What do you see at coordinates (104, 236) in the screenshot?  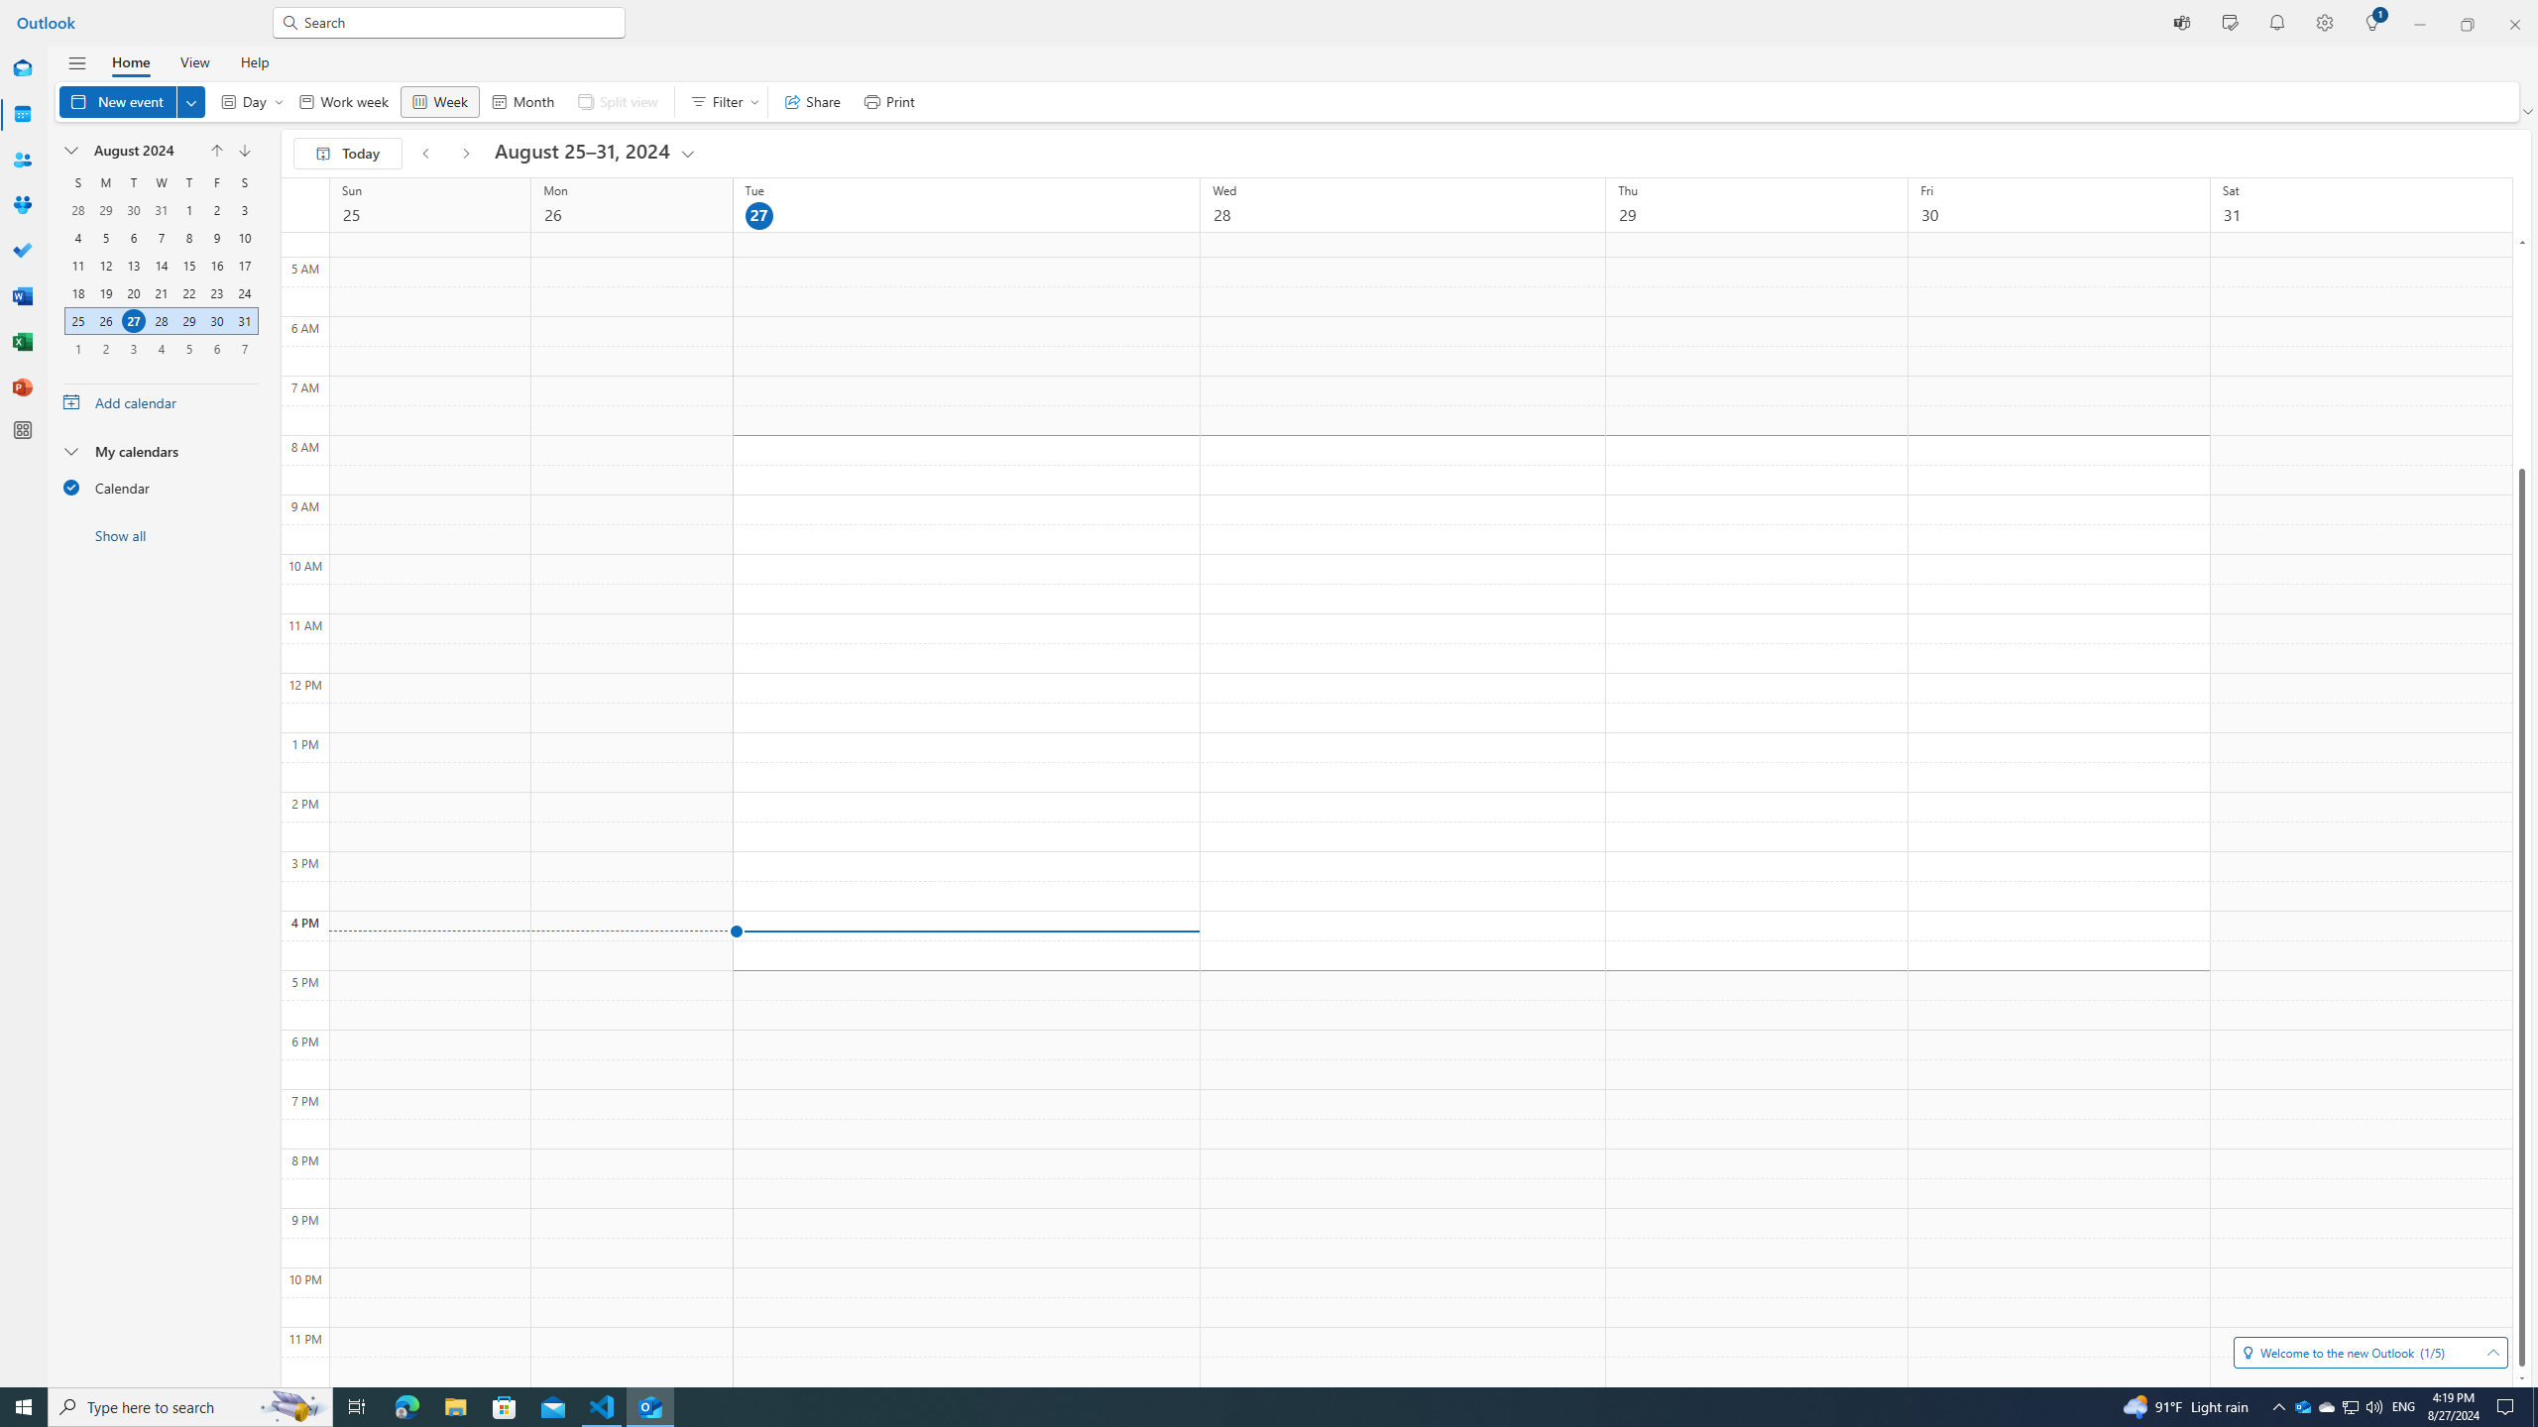 I see `'5, August, 2024'` at bounding box center [104, 236].